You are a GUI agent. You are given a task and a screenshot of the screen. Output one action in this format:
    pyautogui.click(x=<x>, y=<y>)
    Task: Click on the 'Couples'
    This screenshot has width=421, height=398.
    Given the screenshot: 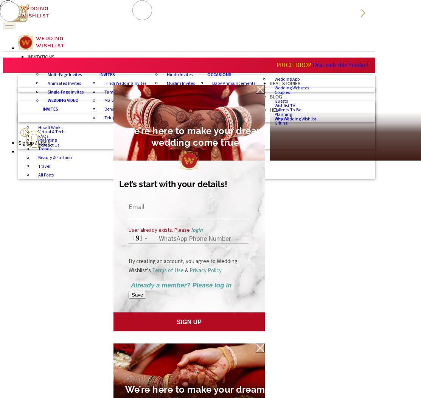 What is the action you would take?
    pyautogui.click(x=281, y=92)
    